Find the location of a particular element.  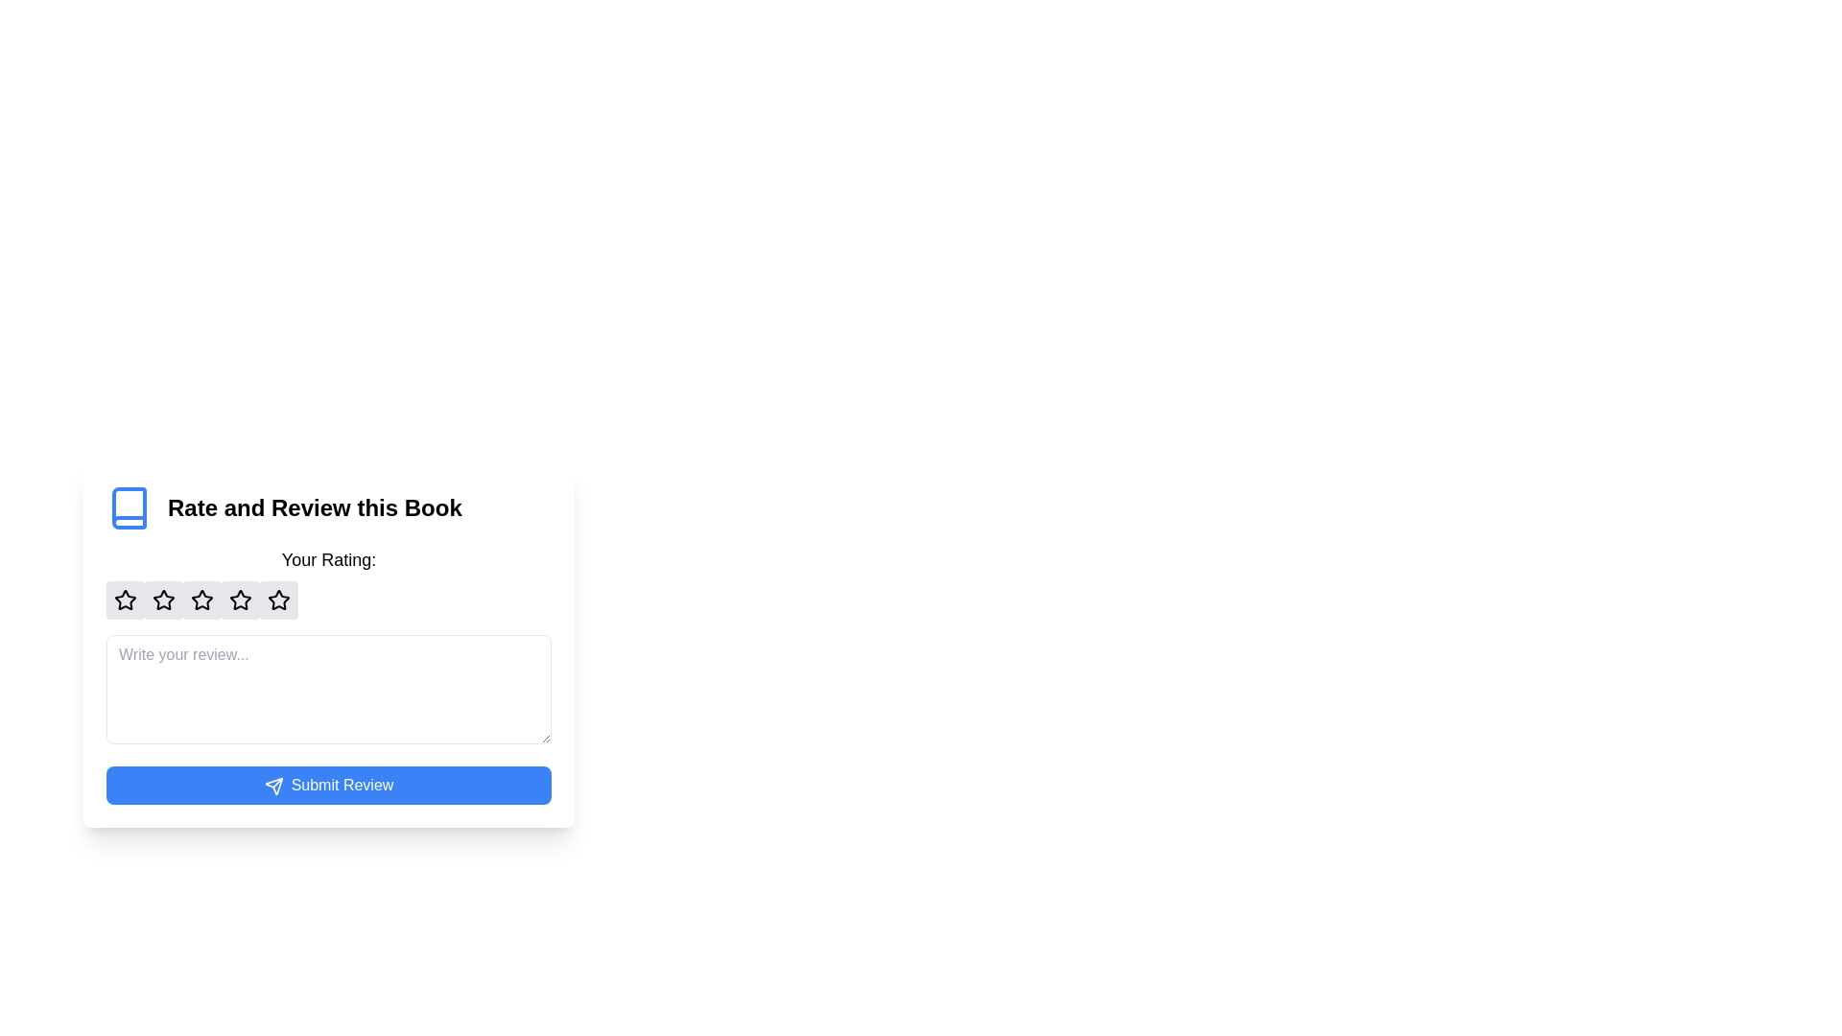

the label prompting the user to provide a rating for the book, located above the star icons in the 'Rate and Review this Book' section is located at coordinates (328, 559).